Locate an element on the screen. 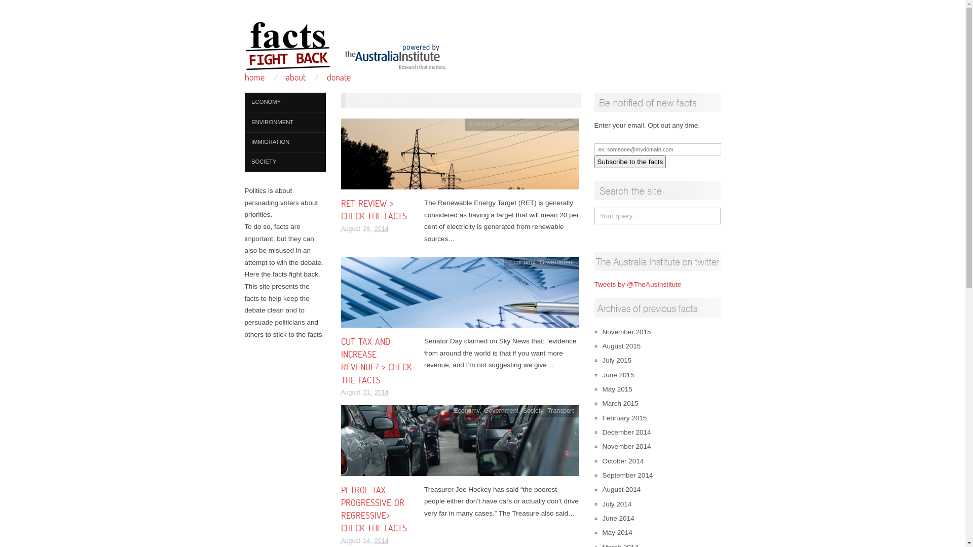  'February 2015' is located at coordinates (624, 418).